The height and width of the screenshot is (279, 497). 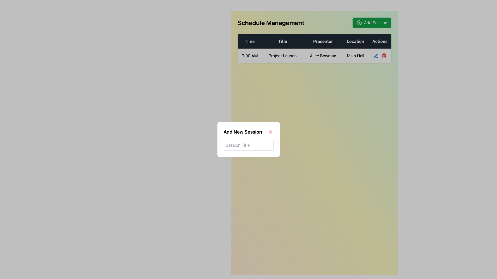 I want to click on the delete icon button in the Actions column of the Project Launch entry, so click(x=384, y=56).